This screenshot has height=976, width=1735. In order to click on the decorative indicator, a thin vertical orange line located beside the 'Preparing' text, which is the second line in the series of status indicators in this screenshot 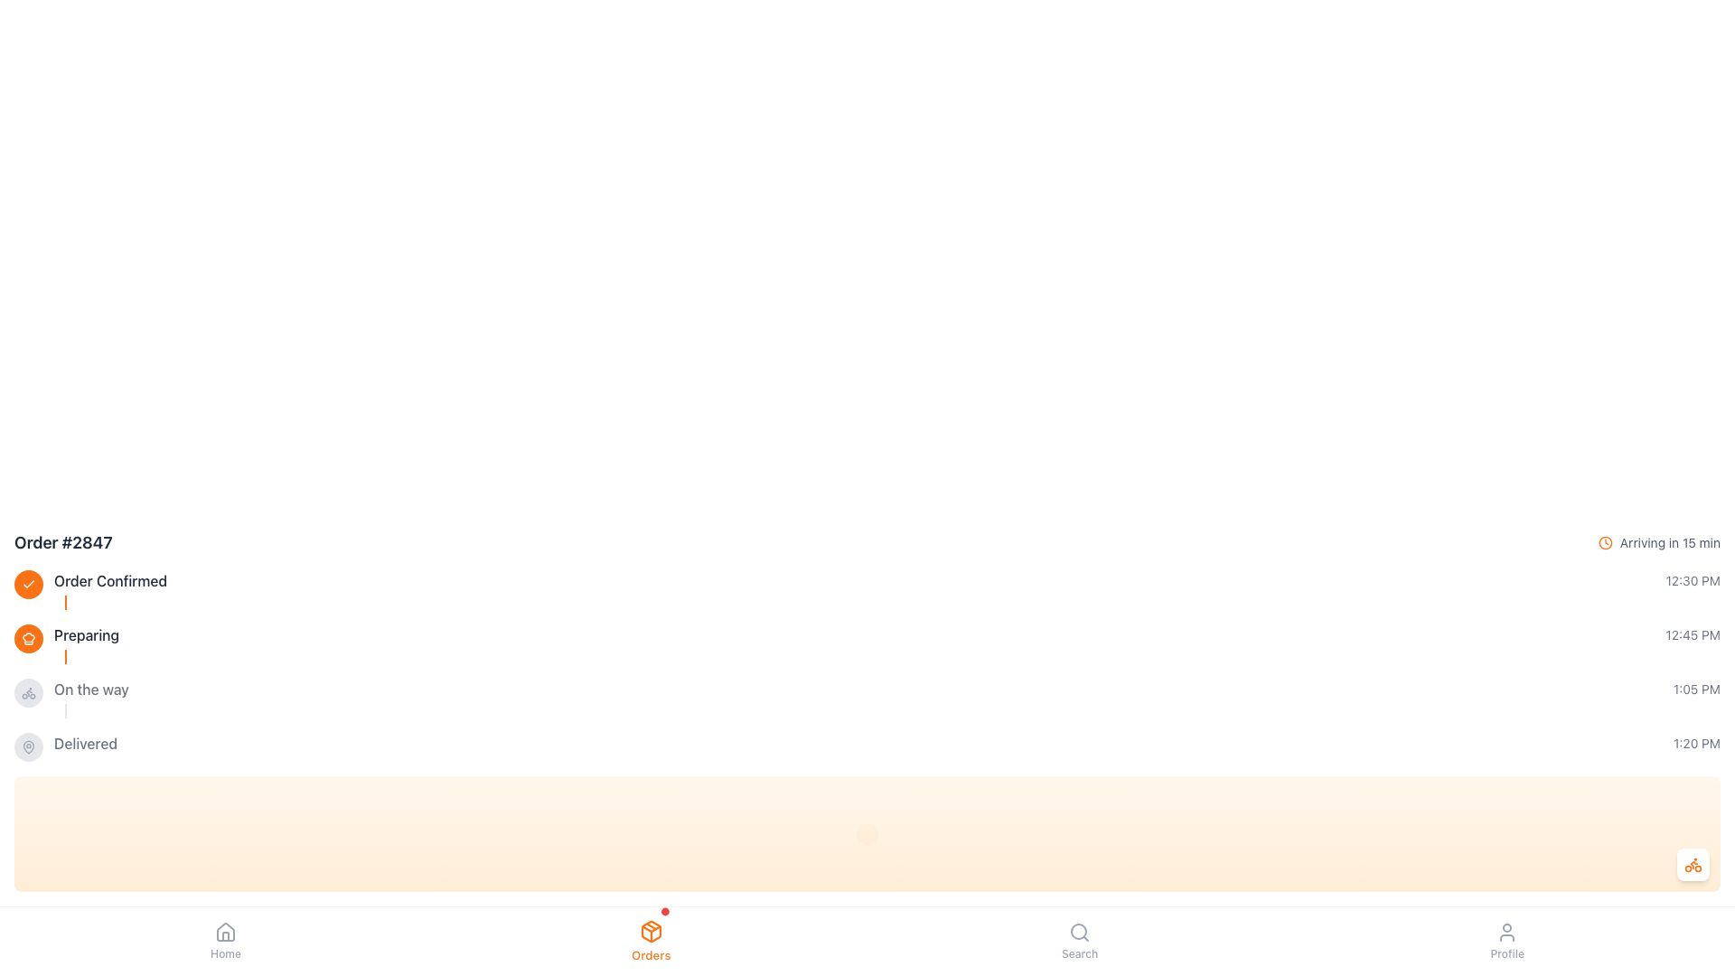, I will do `click(65, 656)`.